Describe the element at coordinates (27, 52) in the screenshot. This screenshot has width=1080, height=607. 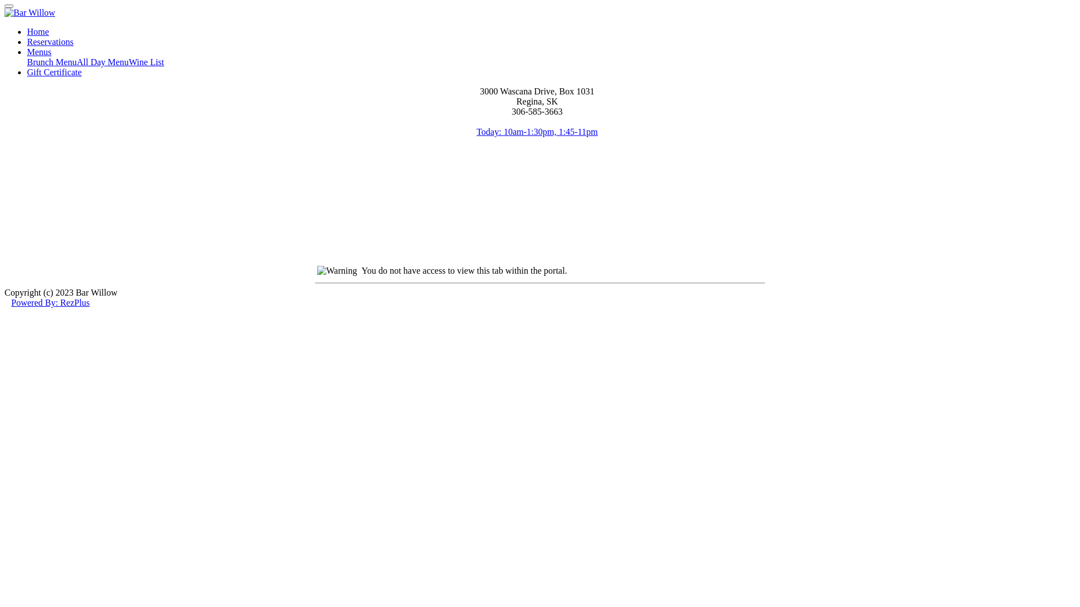
I see `'Menus'` at that location.